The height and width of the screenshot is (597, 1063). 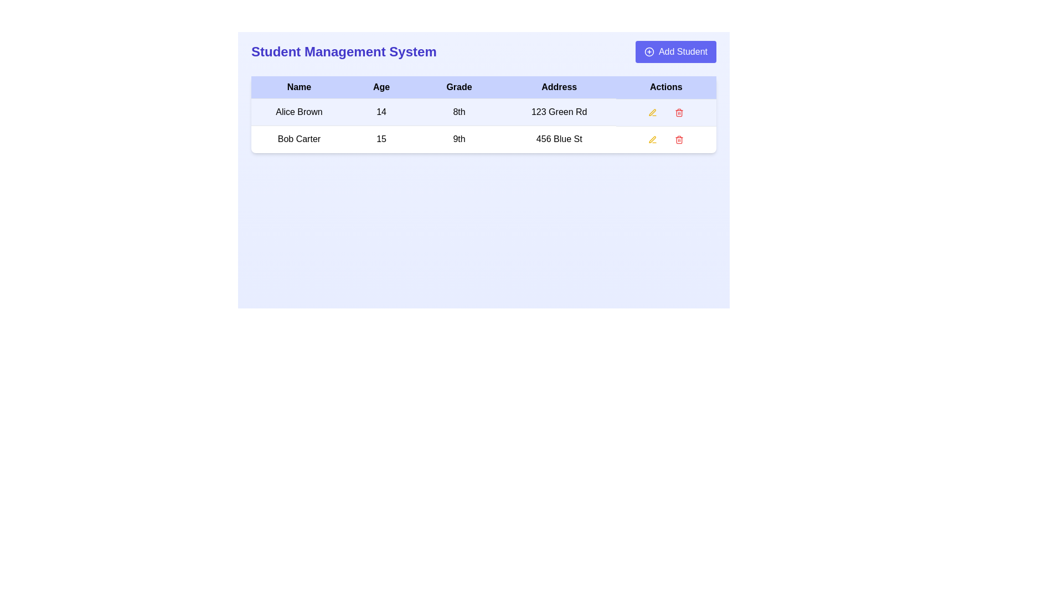 I want to click on the edit button located in the action buttons group of the second row of the table to initiate editing, so click(x=653, y=139).